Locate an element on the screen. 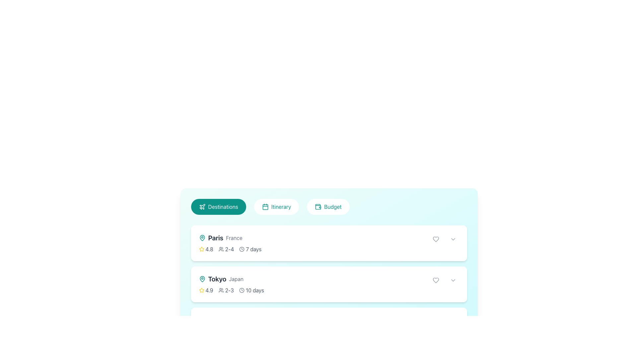 This screenshot has width=637, height=358. the text display element showing '4.8' in gray font, which is located to the right of the yellow star icon in the rating feature of the 'Paris France' card is located at coordinates (209, 249).